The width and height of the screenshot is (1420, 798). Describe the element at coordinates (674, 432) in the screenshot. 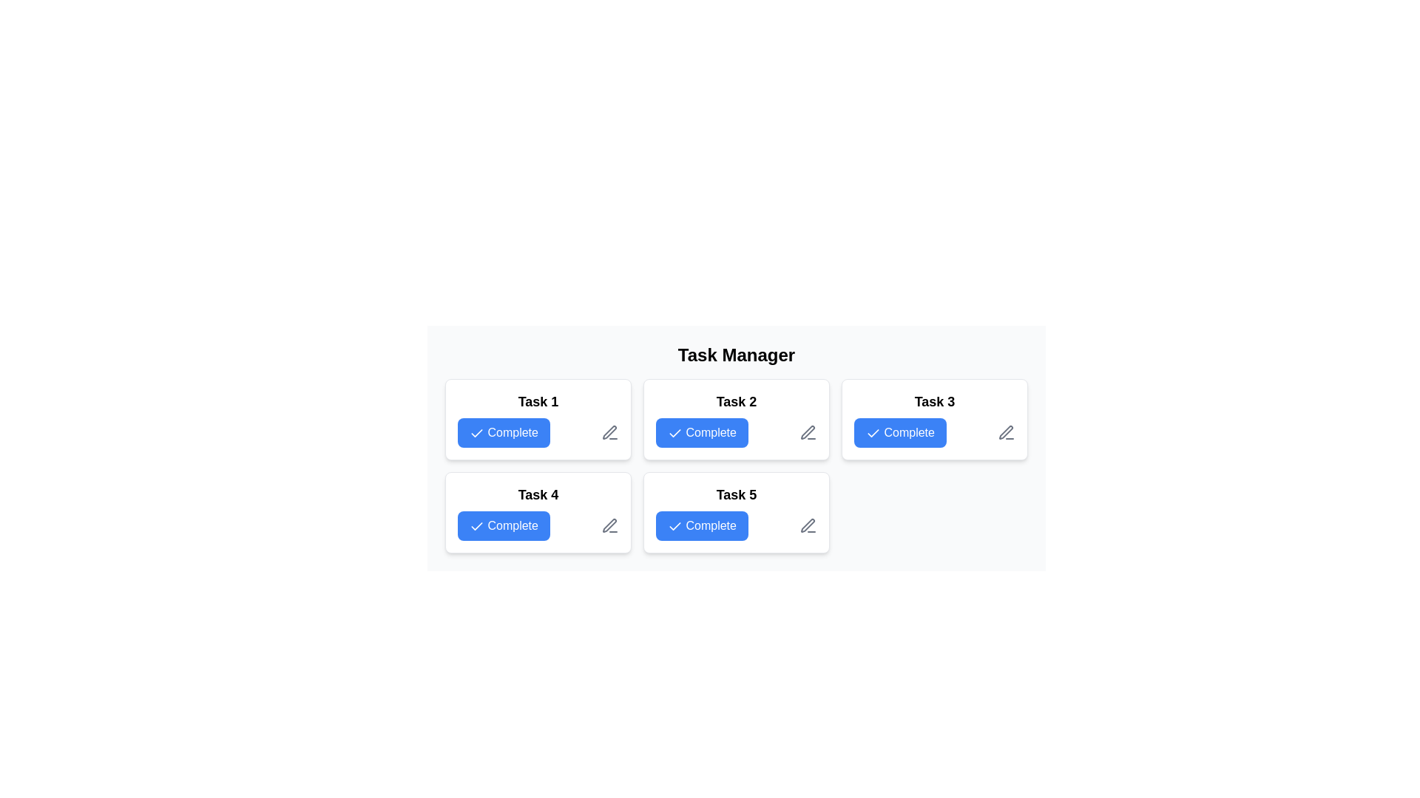

I see `the tick icon within the blue 'Complete' button in the 'Task 2' card` at that location.